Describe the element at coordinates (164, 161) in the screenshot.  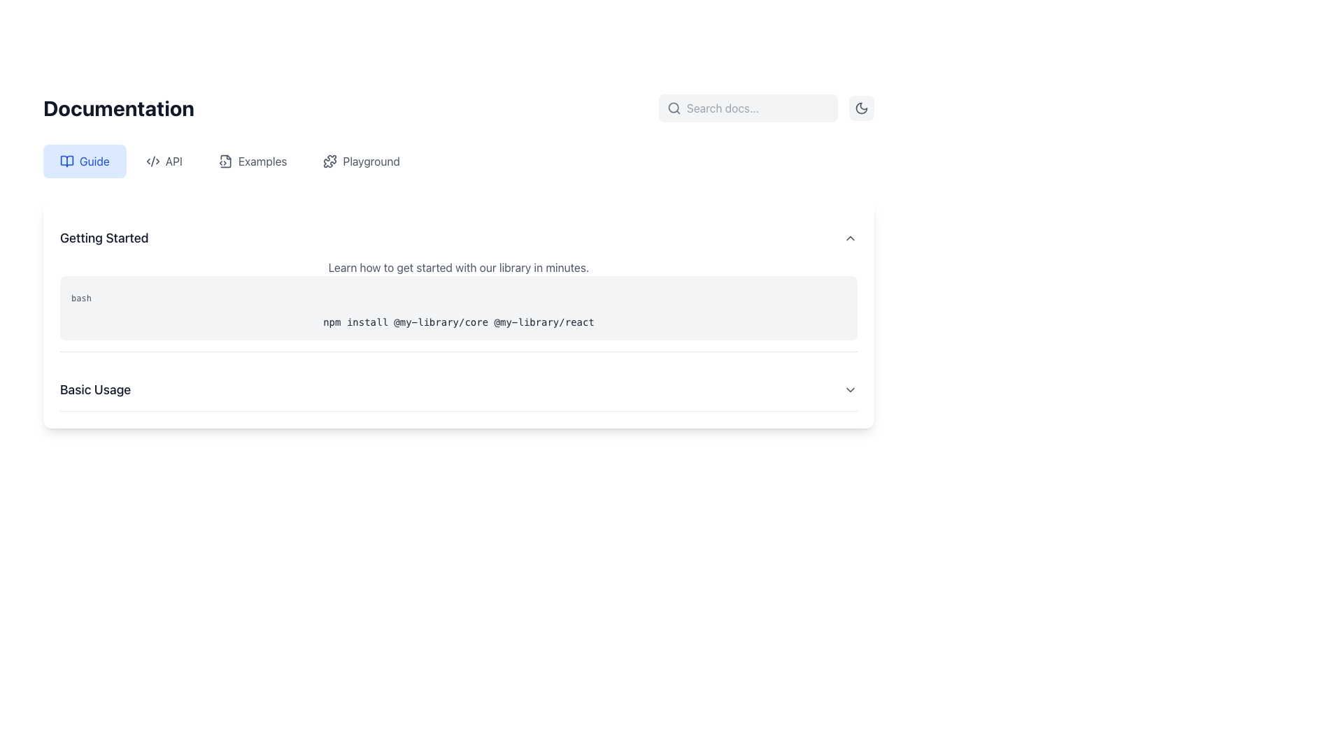
I see `the navigation button that serves as a link to the API documentation, located beneath the 'Documentation' title as the second item from the left` at that location.